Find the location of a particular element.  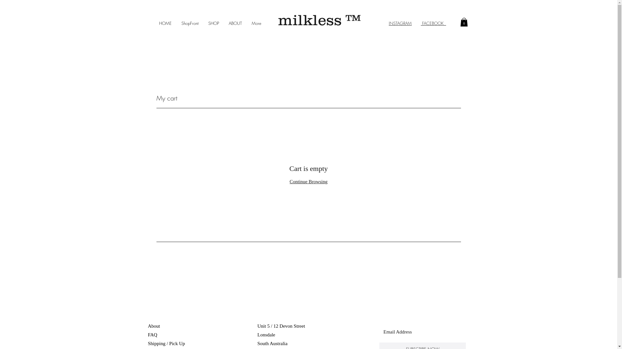

'Shipping / Pick Up ' is located at coordinates (167, 343).